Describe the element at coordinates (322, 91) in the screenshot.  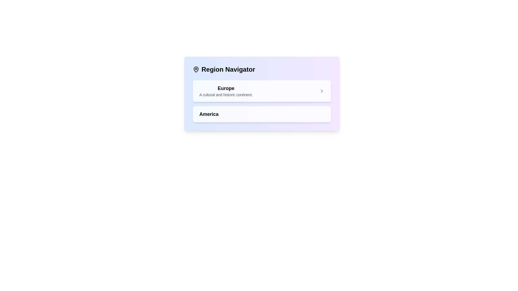
I see `the minimalistic right-pointing chevron icon in the SVG icon group that is positioned to the far right of the 'Europe' option row` at that location.